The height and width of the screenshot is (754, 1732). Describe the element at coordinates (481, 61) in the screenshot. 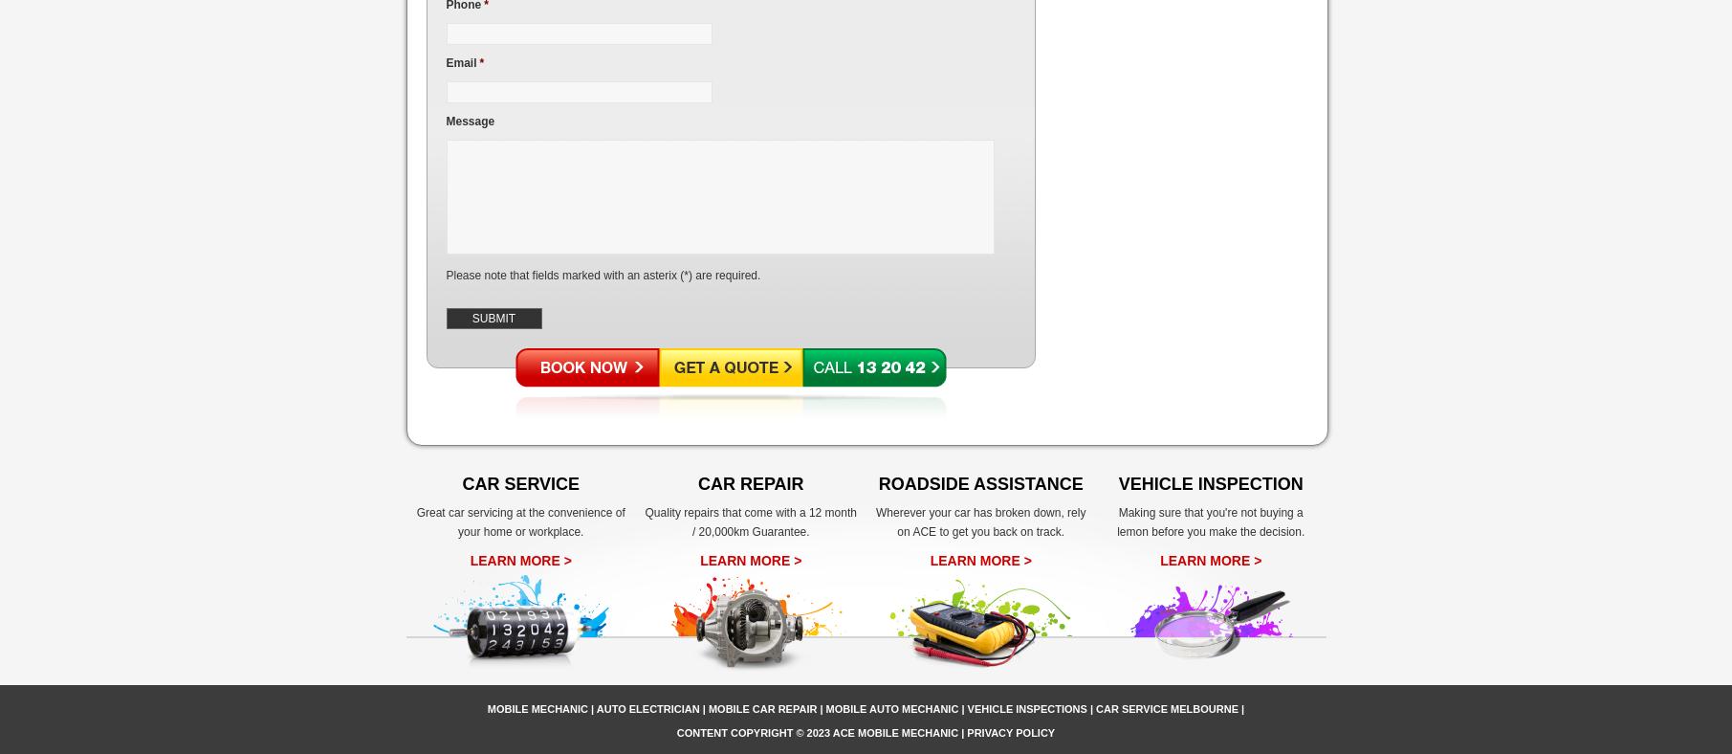

I see `'*'` at that location.